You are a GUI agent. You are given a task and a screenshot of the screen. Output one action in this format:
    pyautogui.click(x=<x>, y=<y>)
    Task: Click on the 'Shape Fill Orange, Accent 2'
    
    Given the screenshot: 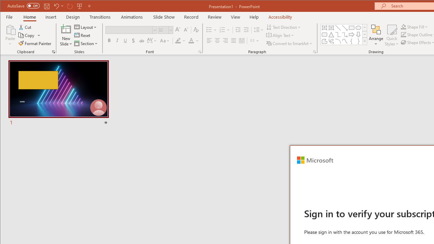 What is the action you would take?
    pyautogui.click(x=403, y=26)
    